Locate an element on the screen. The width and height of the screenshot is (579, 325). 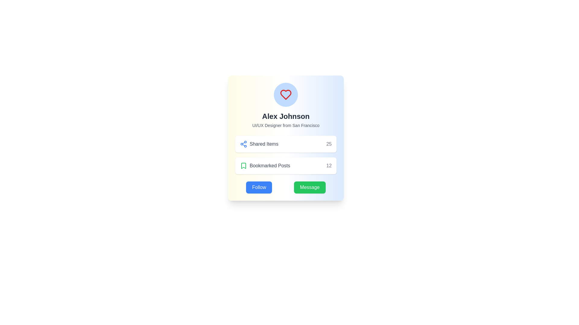
the vertical list containing 'Shared Items' and 'Bookmarked Posts' to see details is located at coordinates (286, 155).